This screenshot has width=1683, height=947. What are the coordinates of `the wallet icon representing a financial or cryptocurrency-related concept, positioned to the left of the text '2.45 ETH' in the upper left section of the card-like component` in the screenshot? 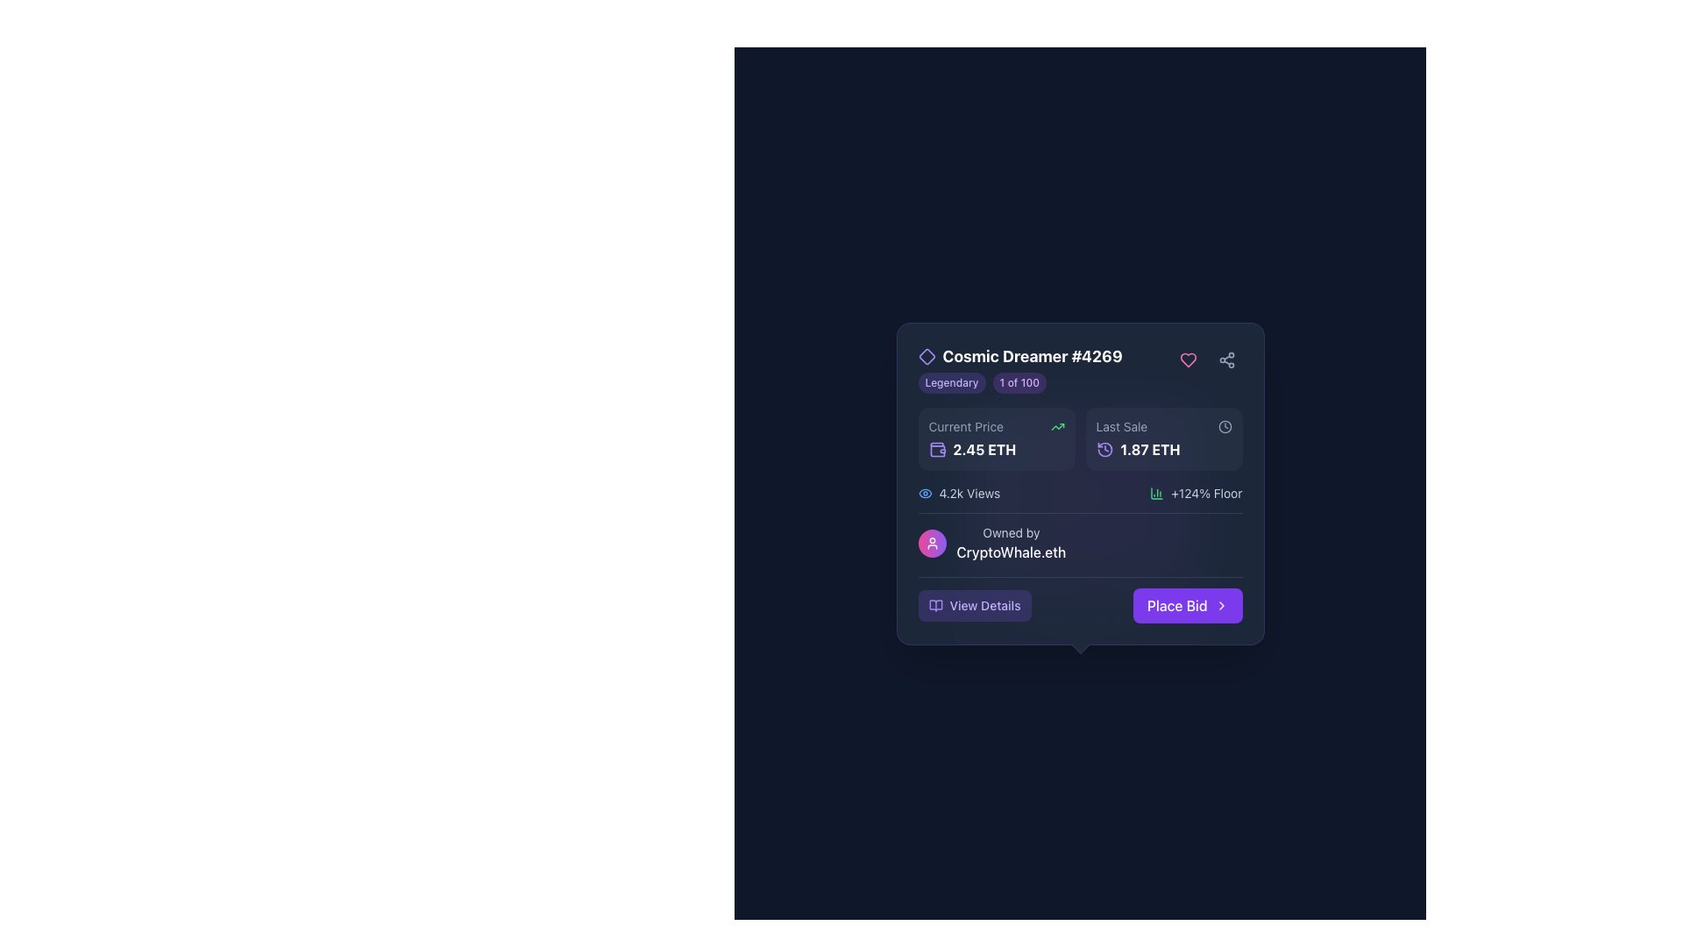 It's located at (936, 449).